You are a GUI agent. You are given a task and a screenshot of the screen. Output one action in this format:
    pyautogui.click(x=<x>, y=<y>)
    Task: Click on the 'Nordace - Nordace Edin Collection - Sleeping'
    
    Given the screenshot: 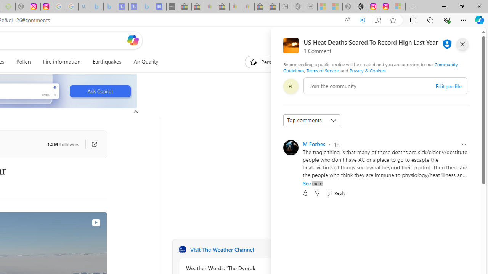 What is the action you would take?
    pyautogui.click(x=21, y=6)
    